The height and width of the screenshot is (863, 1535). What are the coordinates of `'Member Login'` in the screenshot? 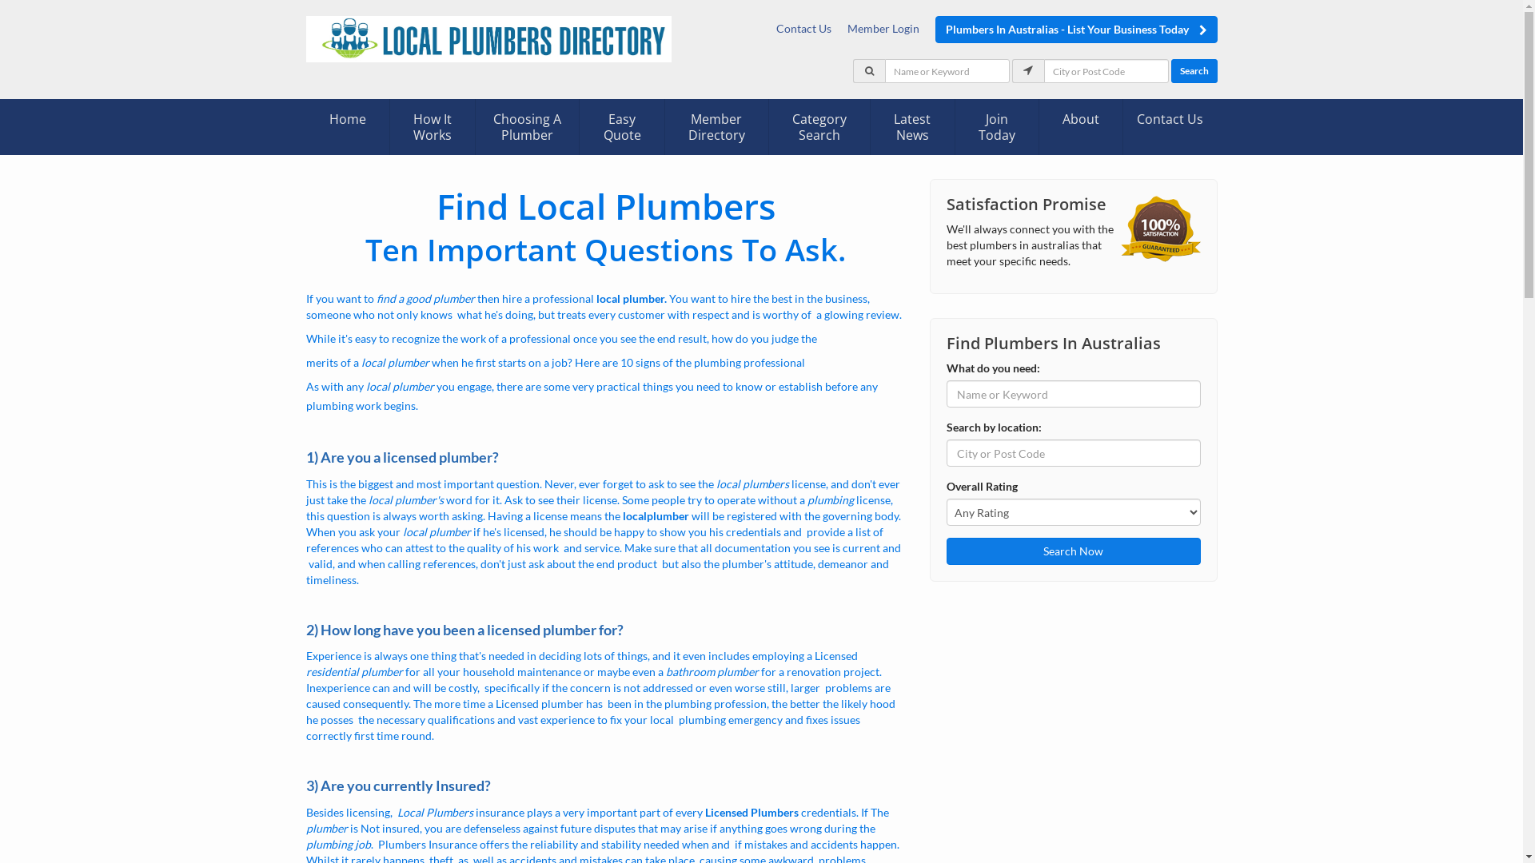 It's located at (886, 28).